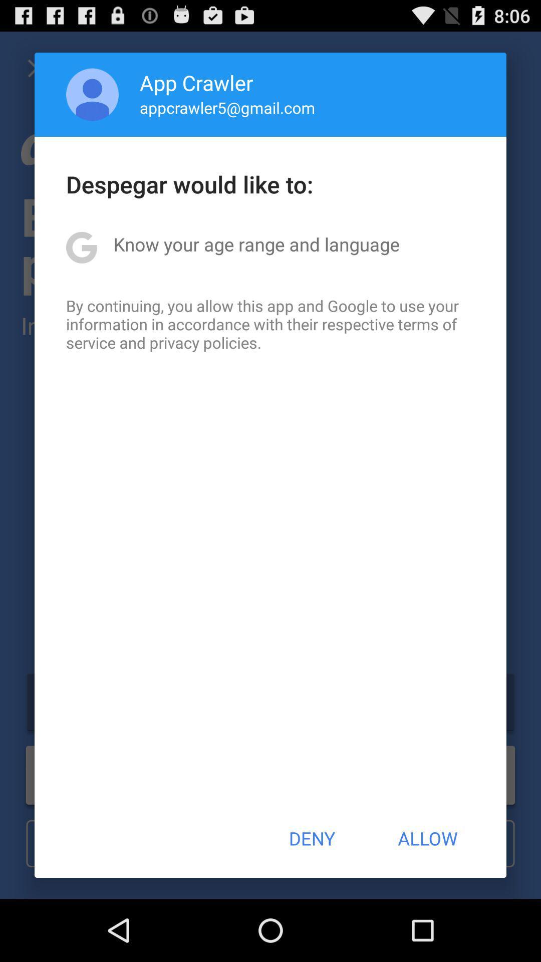 The width and height of the screenshot is (541, 962). What do you see at coordinates (227, 107) in the screenshot?
I see `app above despegar would like` at bounding box center [227, 107].